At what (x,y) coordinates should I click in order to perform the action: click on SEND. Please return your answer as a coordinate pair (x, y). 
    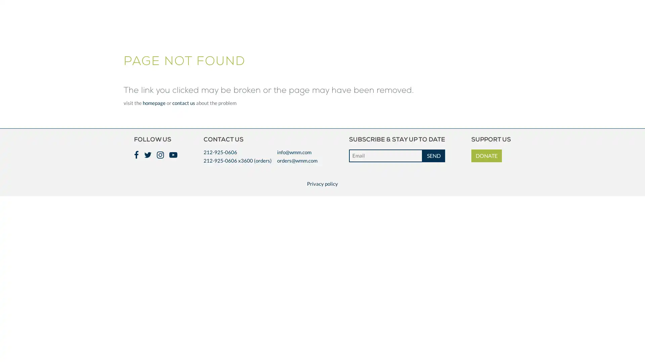
    Looking at the image, I should click on (434, 167).